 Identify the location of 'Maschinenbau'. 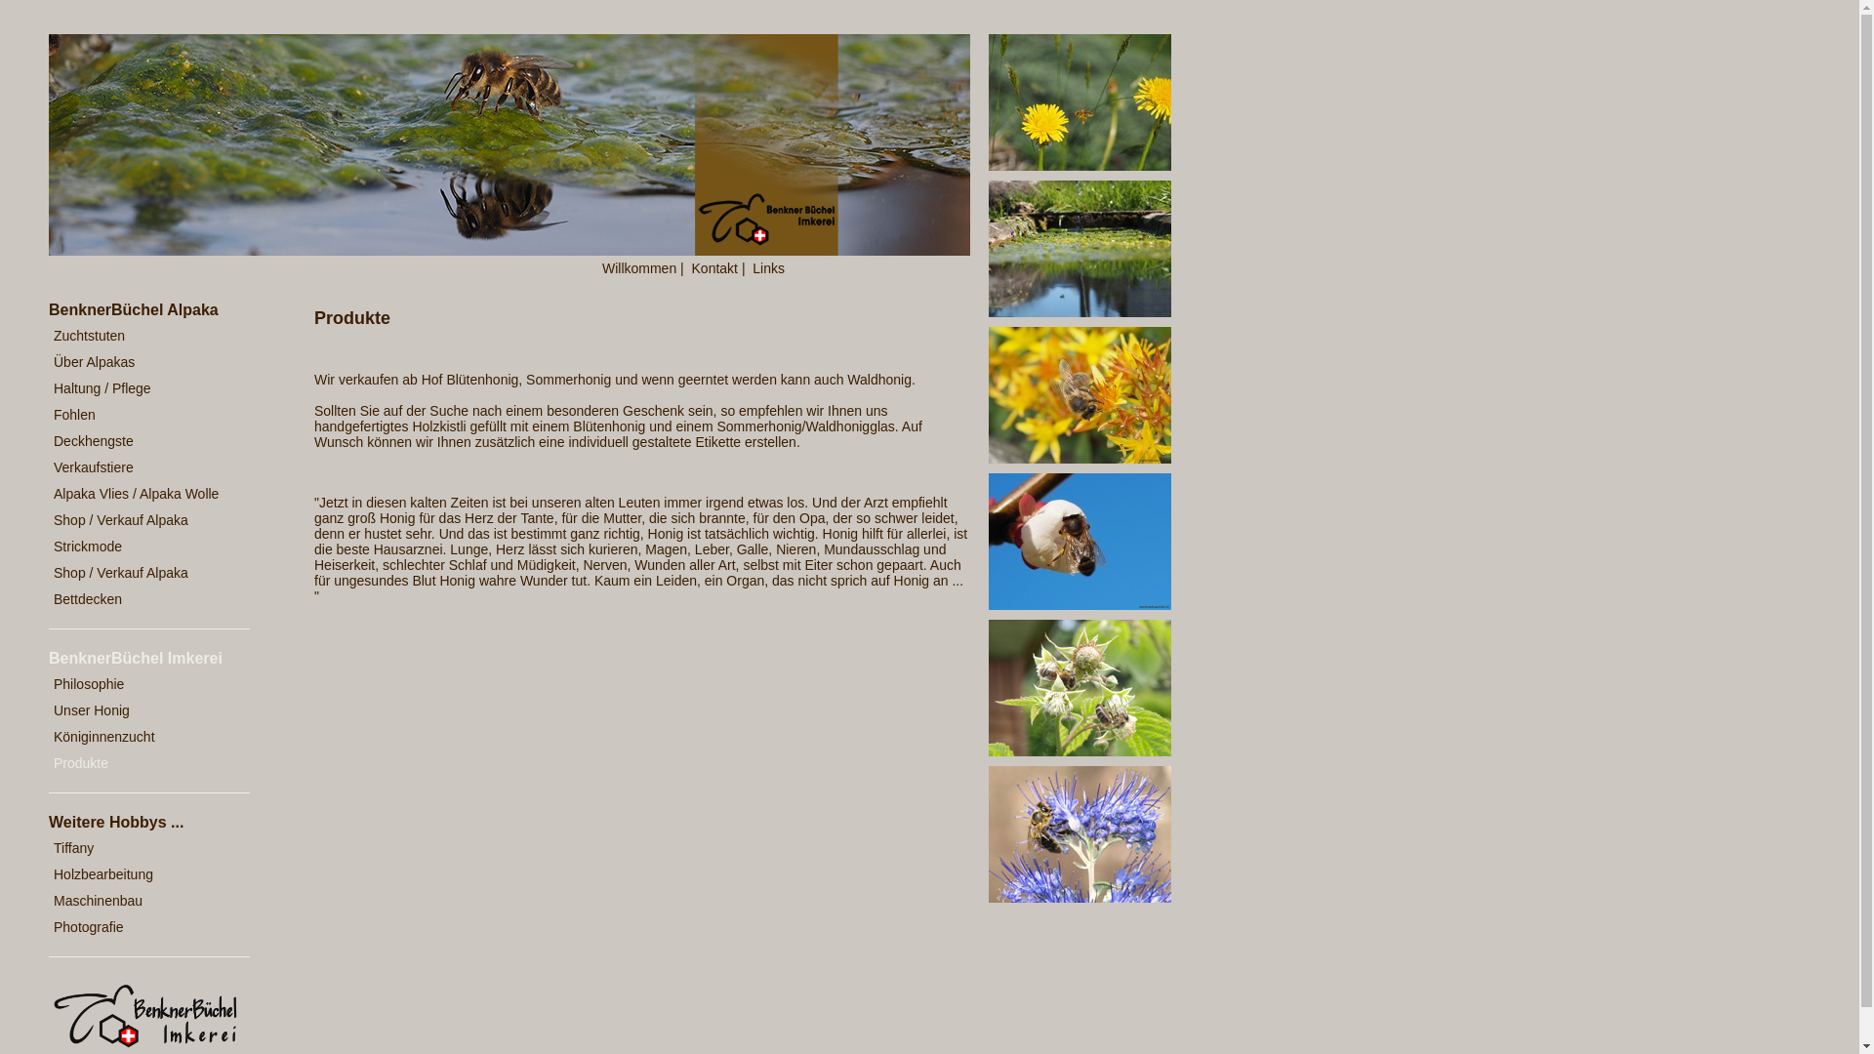
(140, 901).